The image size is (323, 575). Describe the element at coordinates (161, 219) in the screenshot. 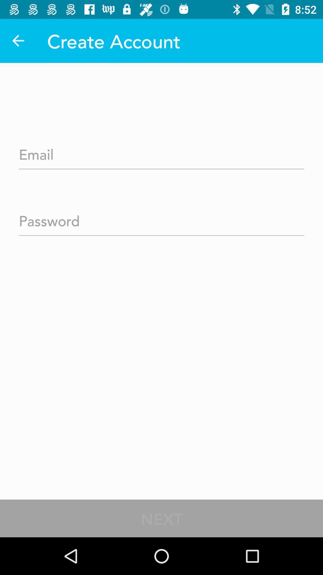

I see `password` at that location.